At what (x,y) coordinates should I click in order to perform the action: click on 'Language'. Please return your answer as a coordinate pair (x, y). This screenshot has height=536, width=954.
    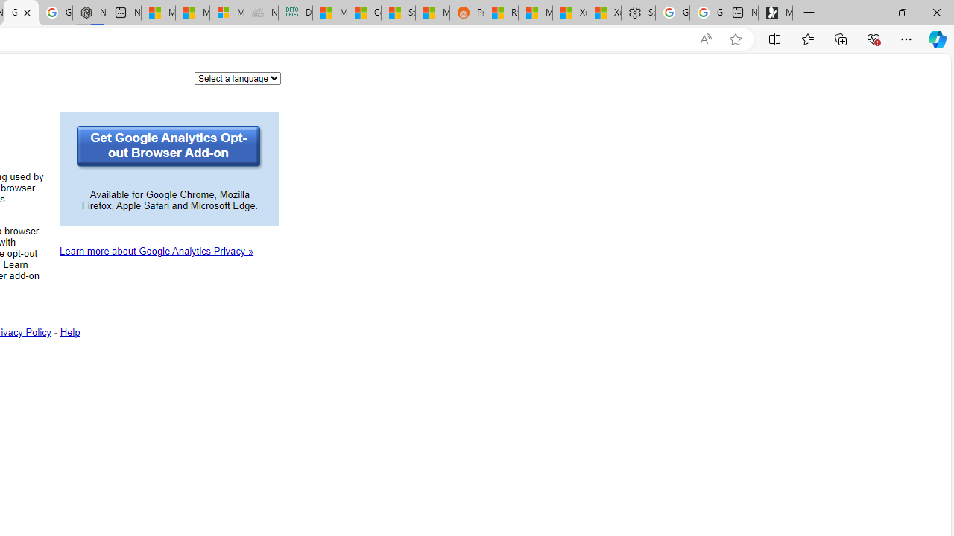
    Looking at the image, I should click on (237, 77).